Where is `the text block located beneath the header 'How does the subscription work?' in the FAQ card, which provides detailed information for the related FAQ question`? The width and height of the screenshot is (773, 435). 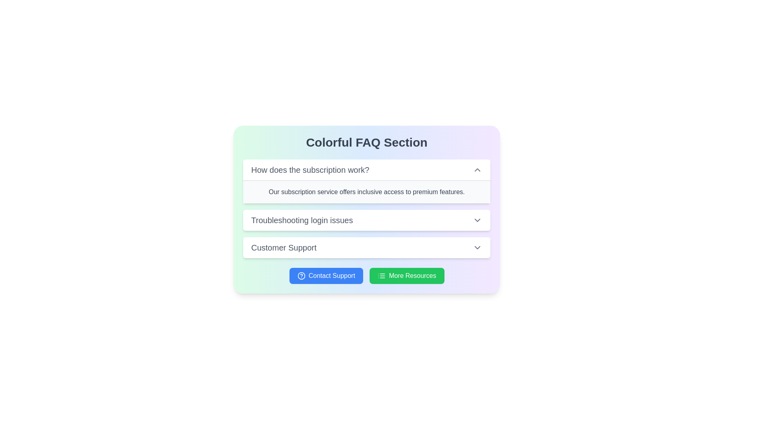
the text block located beneath the header 'How does the subscription work?' in the FAQ card, which provides detailed information for the related FAQ question is located at coordinates (366, 192).